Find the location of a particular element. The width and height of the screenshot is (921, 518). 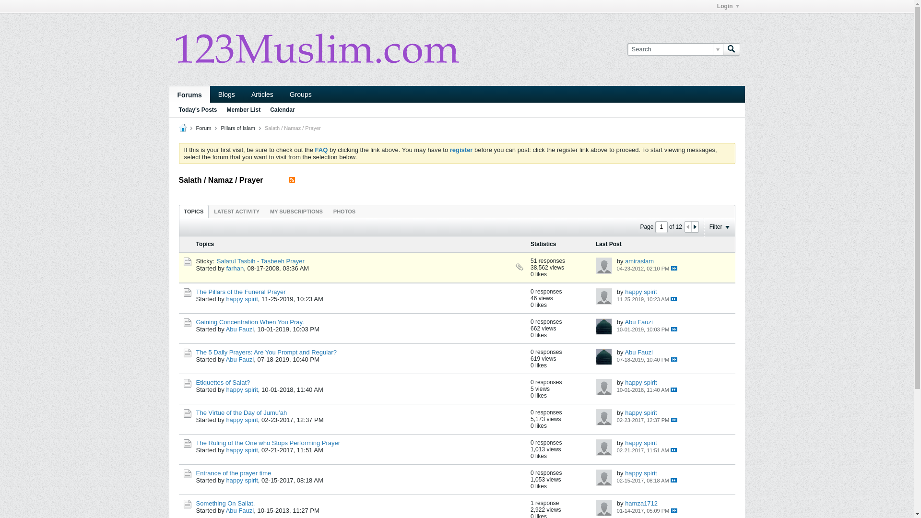

'View this channel's RSS feed.' is located at coordinates (292, 180).